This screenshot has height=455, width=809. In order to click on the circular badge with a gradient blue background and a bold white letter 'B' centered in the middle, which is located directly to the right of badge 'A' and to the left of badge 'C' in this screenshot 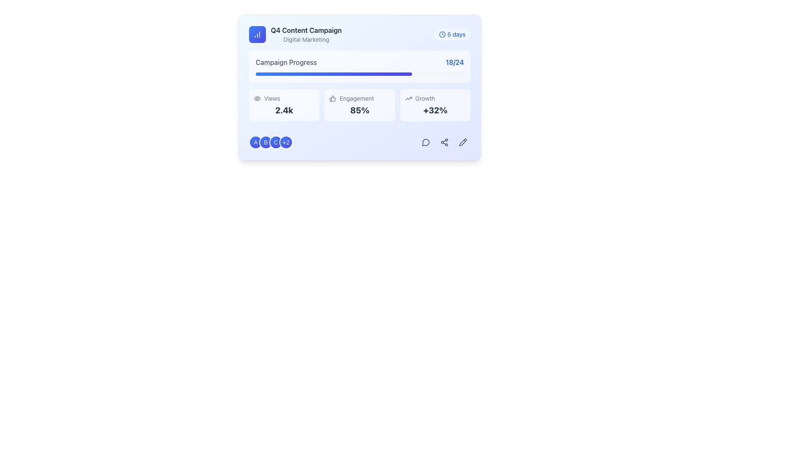, I will do `click(265, 142)`.